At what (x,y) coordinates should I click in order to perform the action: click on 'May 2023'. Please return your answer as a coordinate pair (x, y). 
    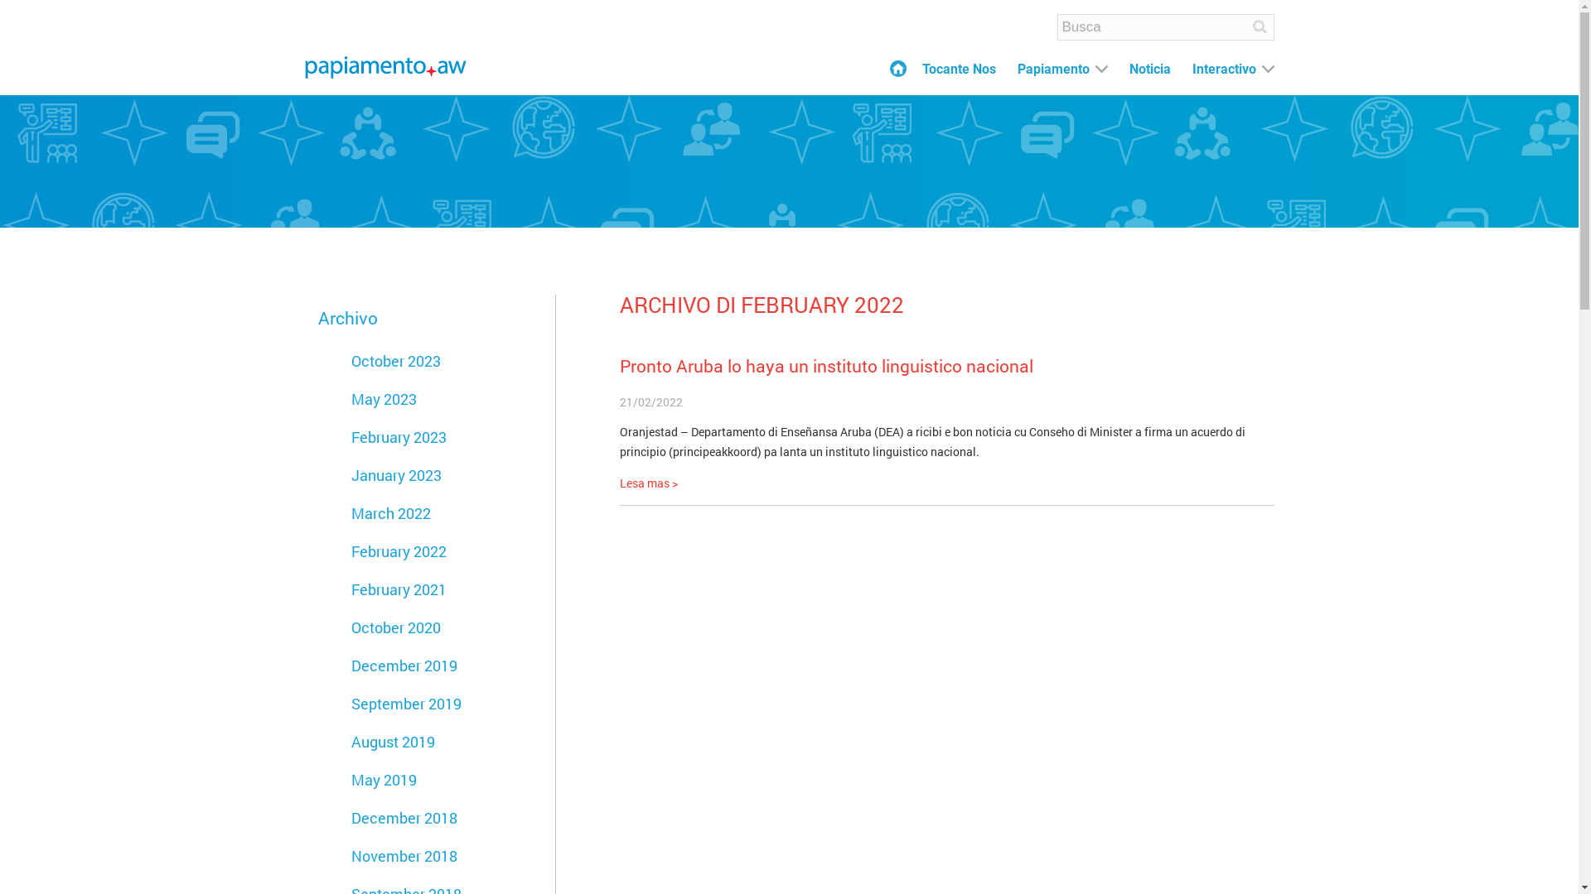
    Looking at the image, I should click on (383, 399).